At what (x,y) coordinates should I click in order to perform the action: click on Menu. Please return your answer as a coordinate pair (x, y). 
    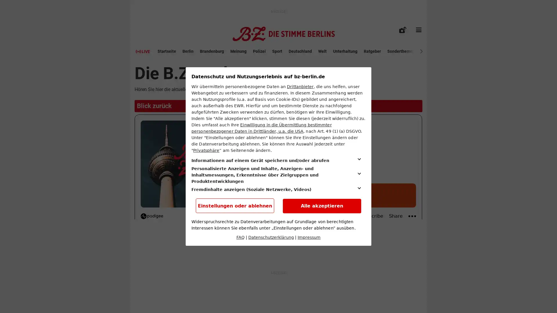
    Looking at the image, I should click on (419, 30).